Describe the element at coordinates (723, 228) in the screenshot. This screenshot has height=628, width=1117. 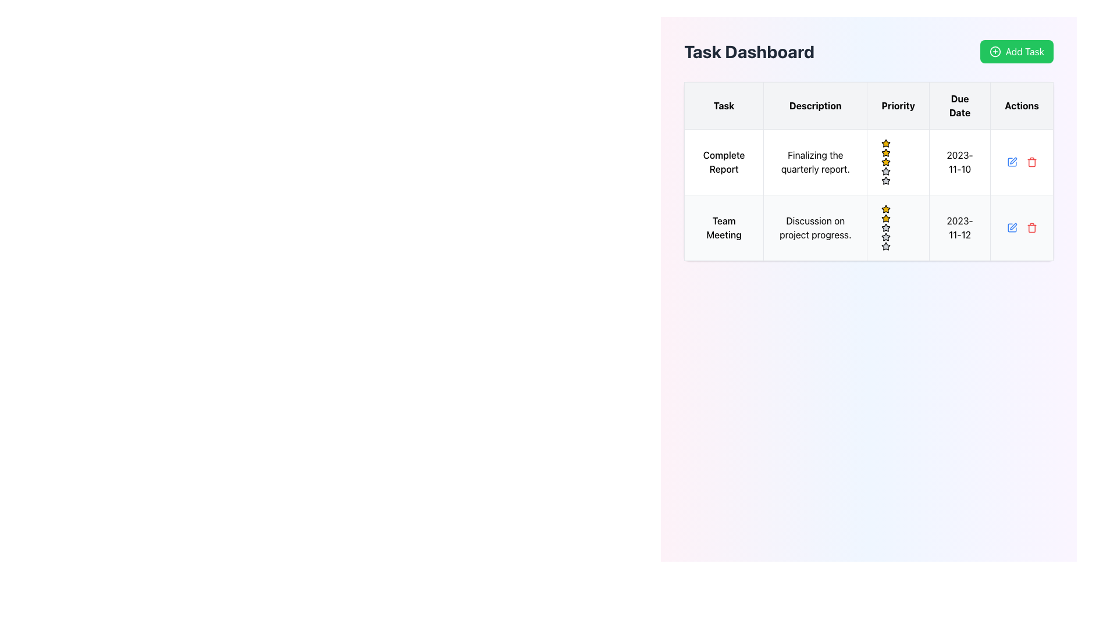
I see `text displayed in the 'Team Meeting' Text Display Element, which is centered in a rectangular area within the second row of the 'Task' column of a table layout` at that location.